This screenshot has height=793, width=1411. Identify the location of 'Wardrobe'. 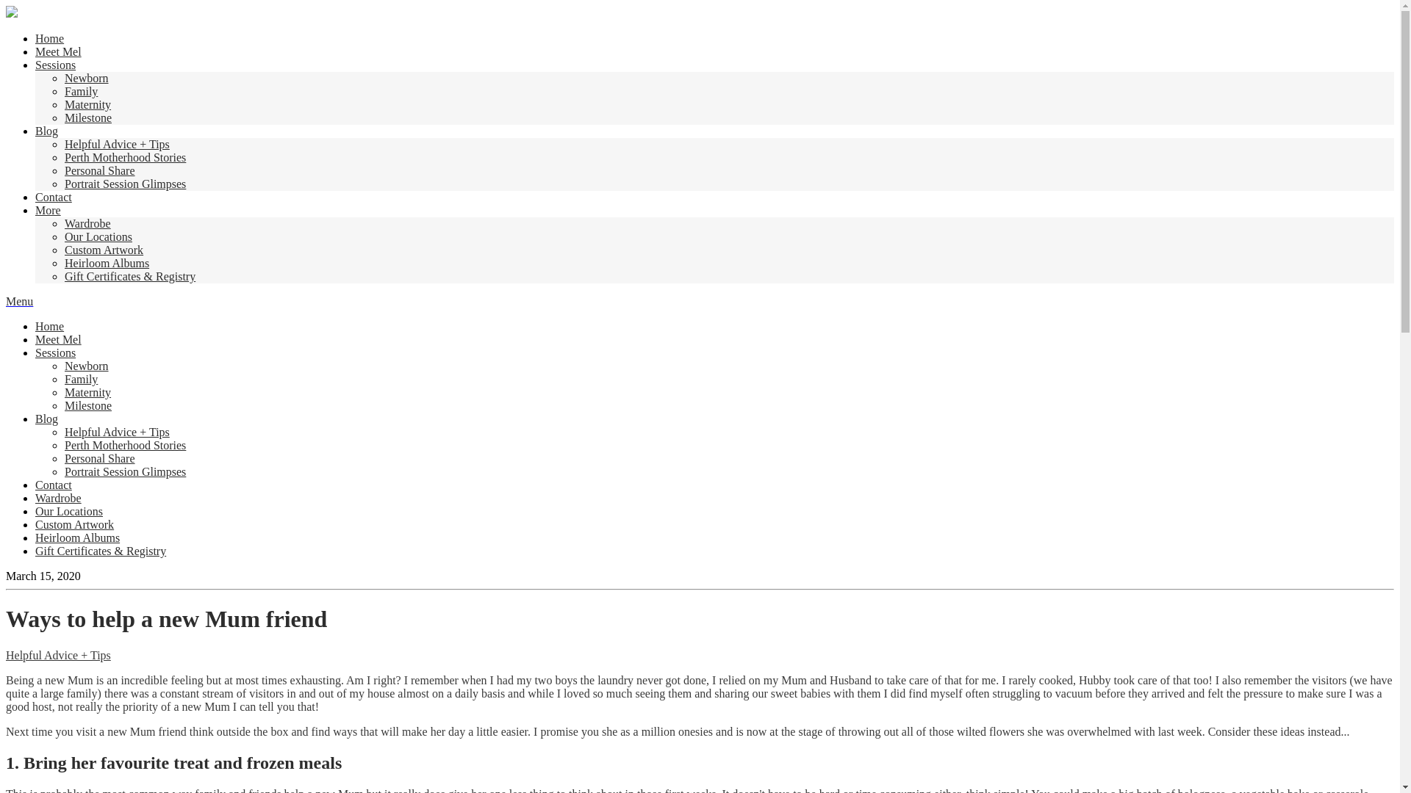
(87, 223).